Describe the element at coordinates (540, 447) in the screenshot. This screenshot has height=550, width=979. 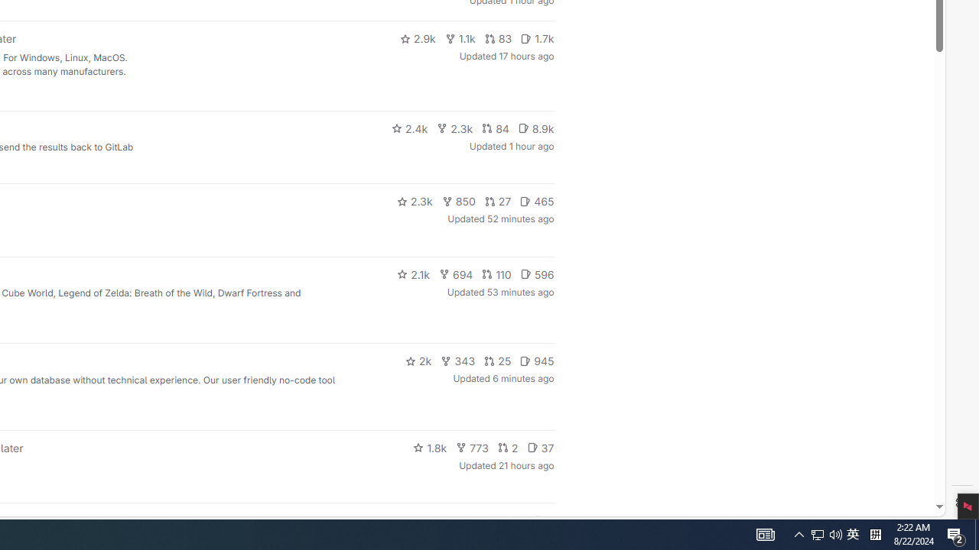
I see `'37'` at that location.